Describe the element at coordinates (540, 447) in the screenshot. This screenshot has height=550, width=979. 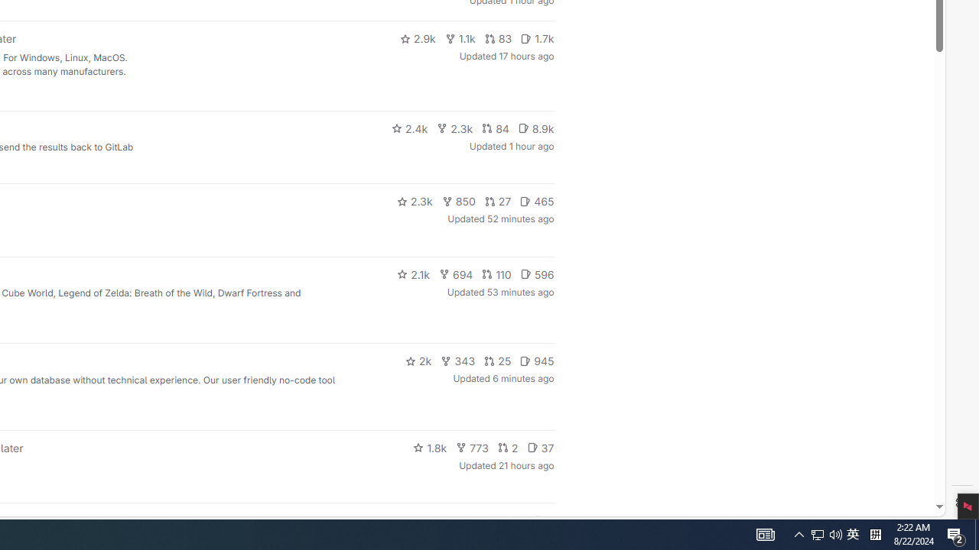
I see `'37'` at that location.